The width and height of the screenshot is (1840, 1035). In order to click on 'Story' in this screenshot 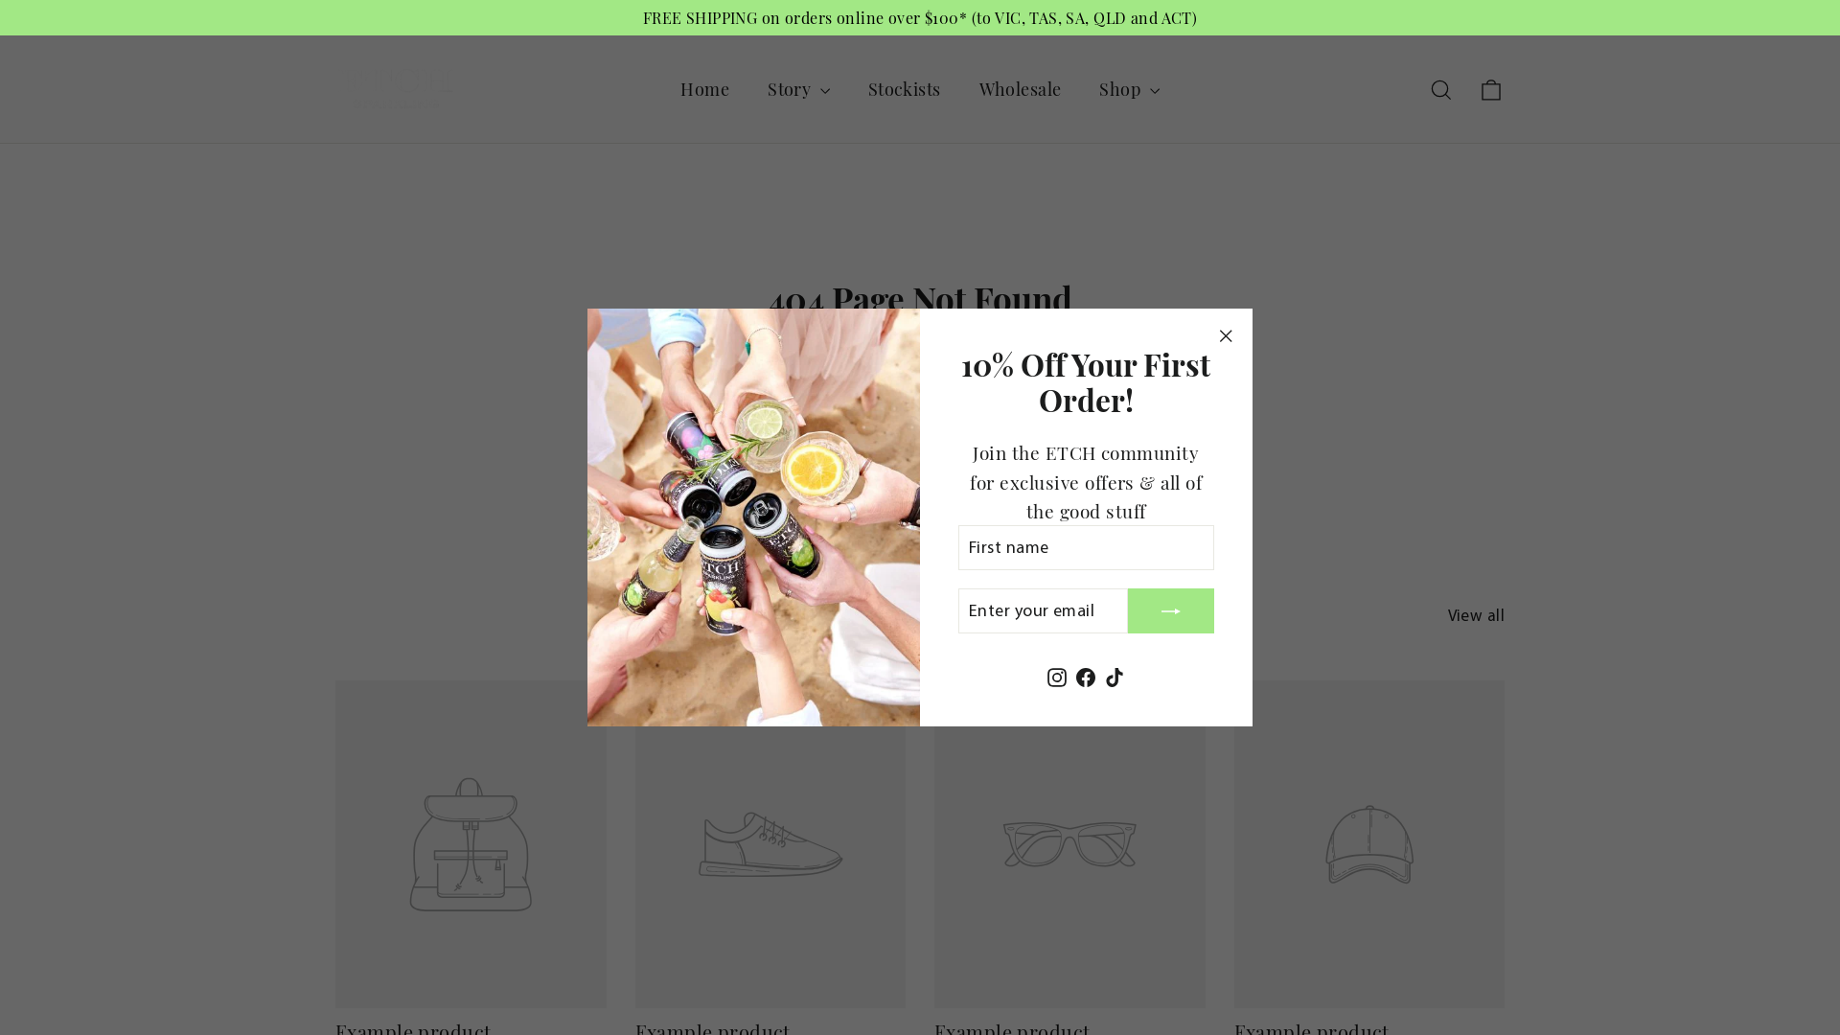, I will do `click(798, 89)`.